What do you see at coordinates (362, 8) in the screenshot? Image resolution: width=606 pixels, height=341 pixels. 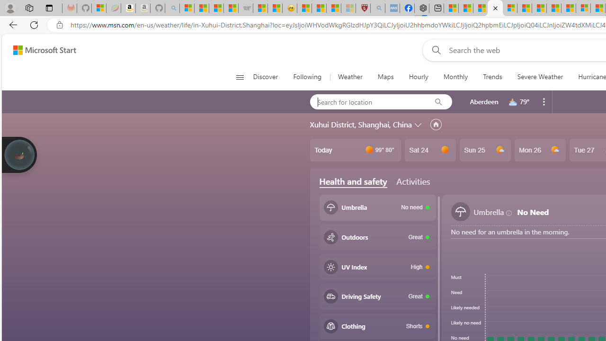 I see `'Robert H. Shmerling, MD - Harvard Health'` at bounding box center [362, 8].